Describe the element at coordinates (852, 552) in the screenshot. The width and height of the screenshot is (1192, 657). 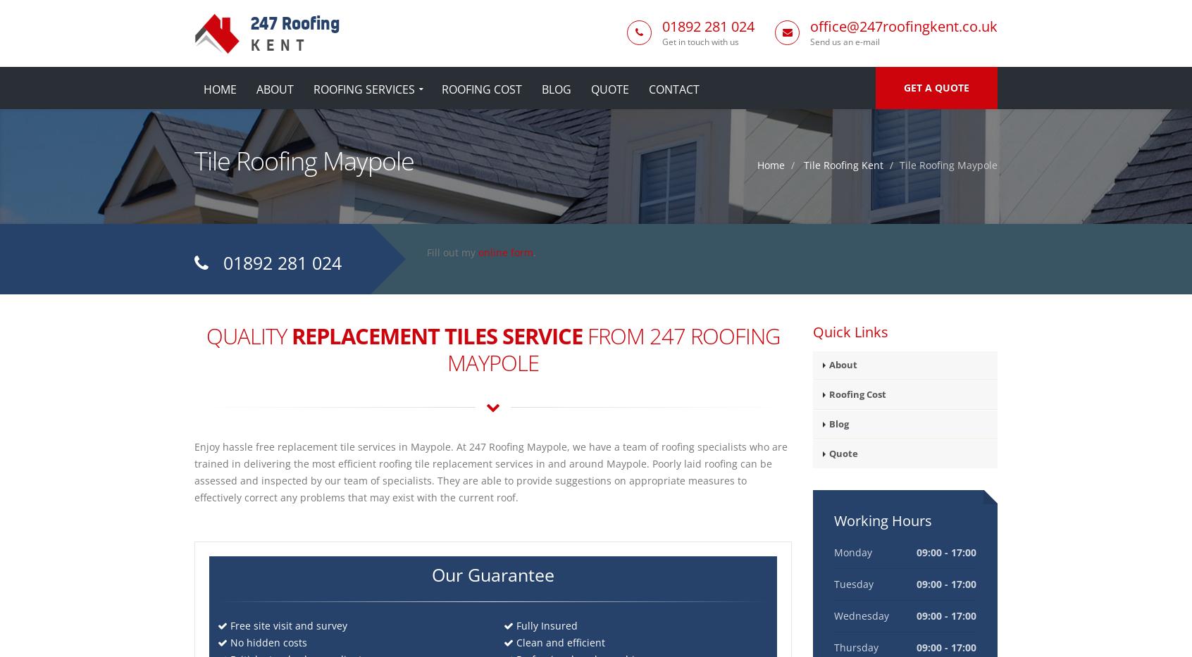
I see `'Monday'` at that location.